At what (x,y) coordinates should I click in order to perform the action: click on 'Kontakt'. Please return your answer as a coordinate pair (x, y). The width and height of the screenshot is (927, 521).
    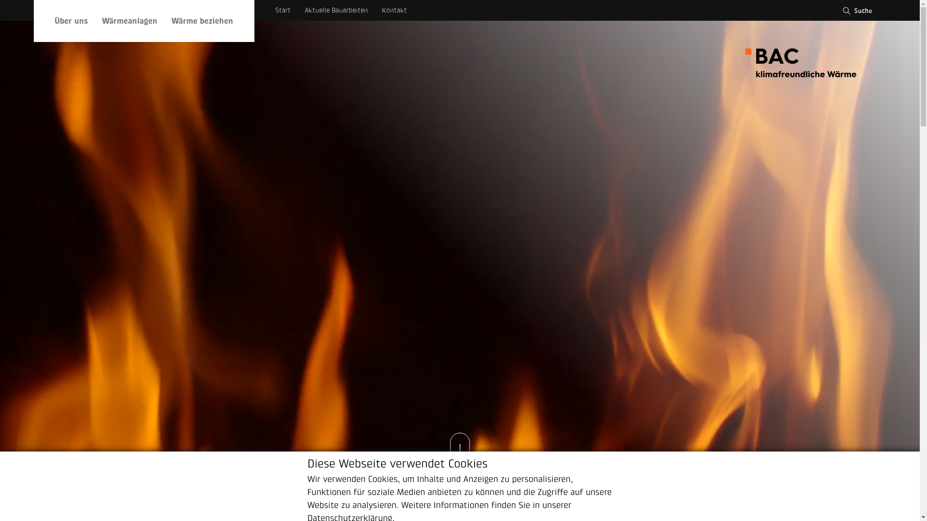
    Looking at the image, I should click on (394, 10).